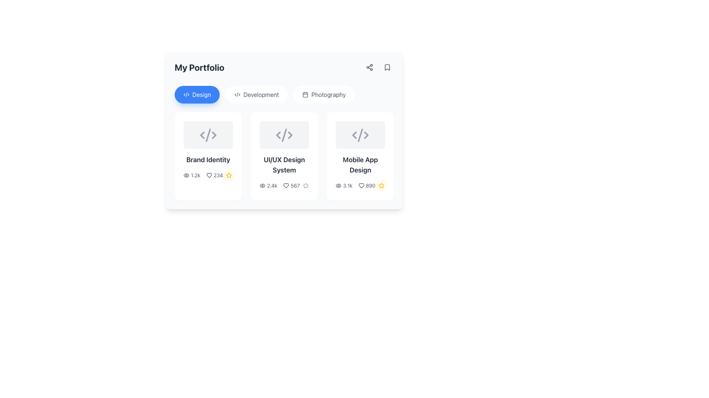 The height and width of the screenshot is (398, 709). I want to click on the composite UI component displaying '1.2k' with a heart icon and '234', located in the statistic section beneath the 'Brand Identity' card in the 'My Portfolio' section, so click(203, 175).